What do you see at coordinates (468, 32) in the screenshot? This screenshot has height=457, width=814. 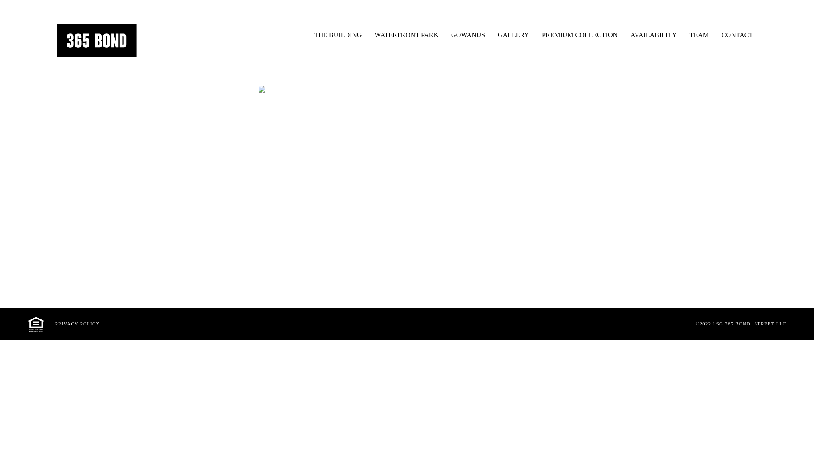 I see `'GOWANUS'` at bounding box center [468, 32].